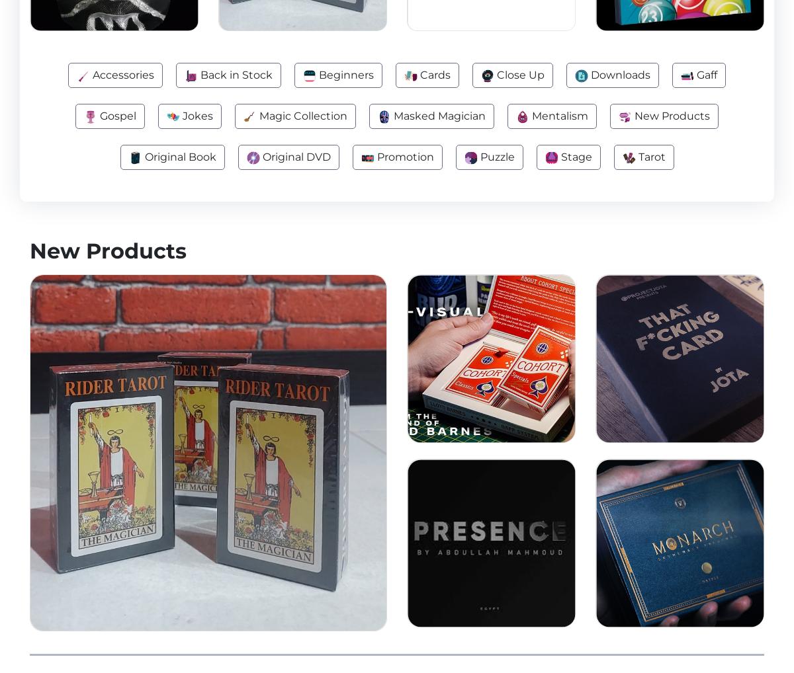  What do you see at coordinates (97, 116) in the screenshot?
I see `'Gospel'` at bounding box center [97, 116].